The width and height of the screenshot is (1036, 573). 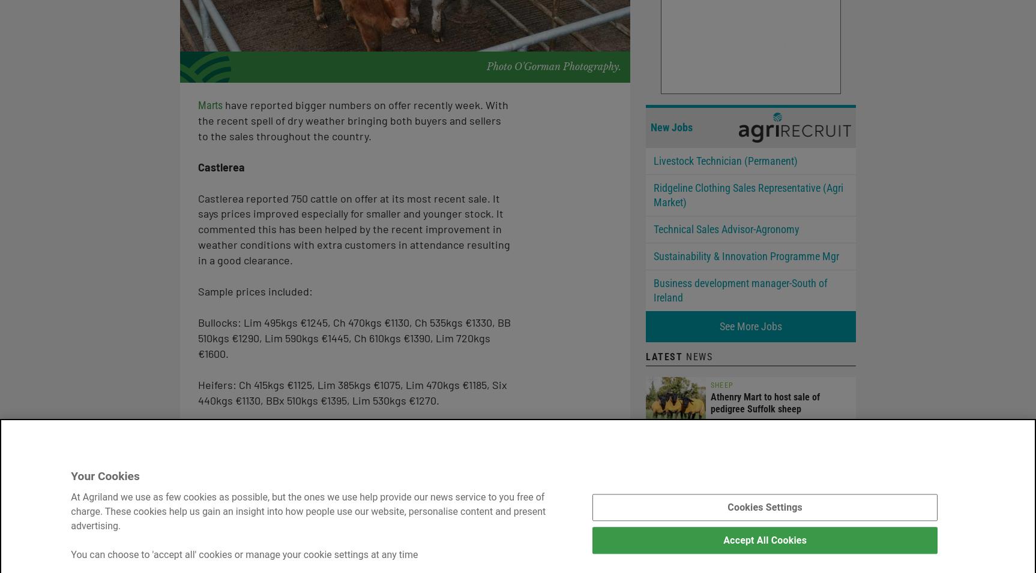 I want to click on 'Sheep', so click(x=710, y=384).